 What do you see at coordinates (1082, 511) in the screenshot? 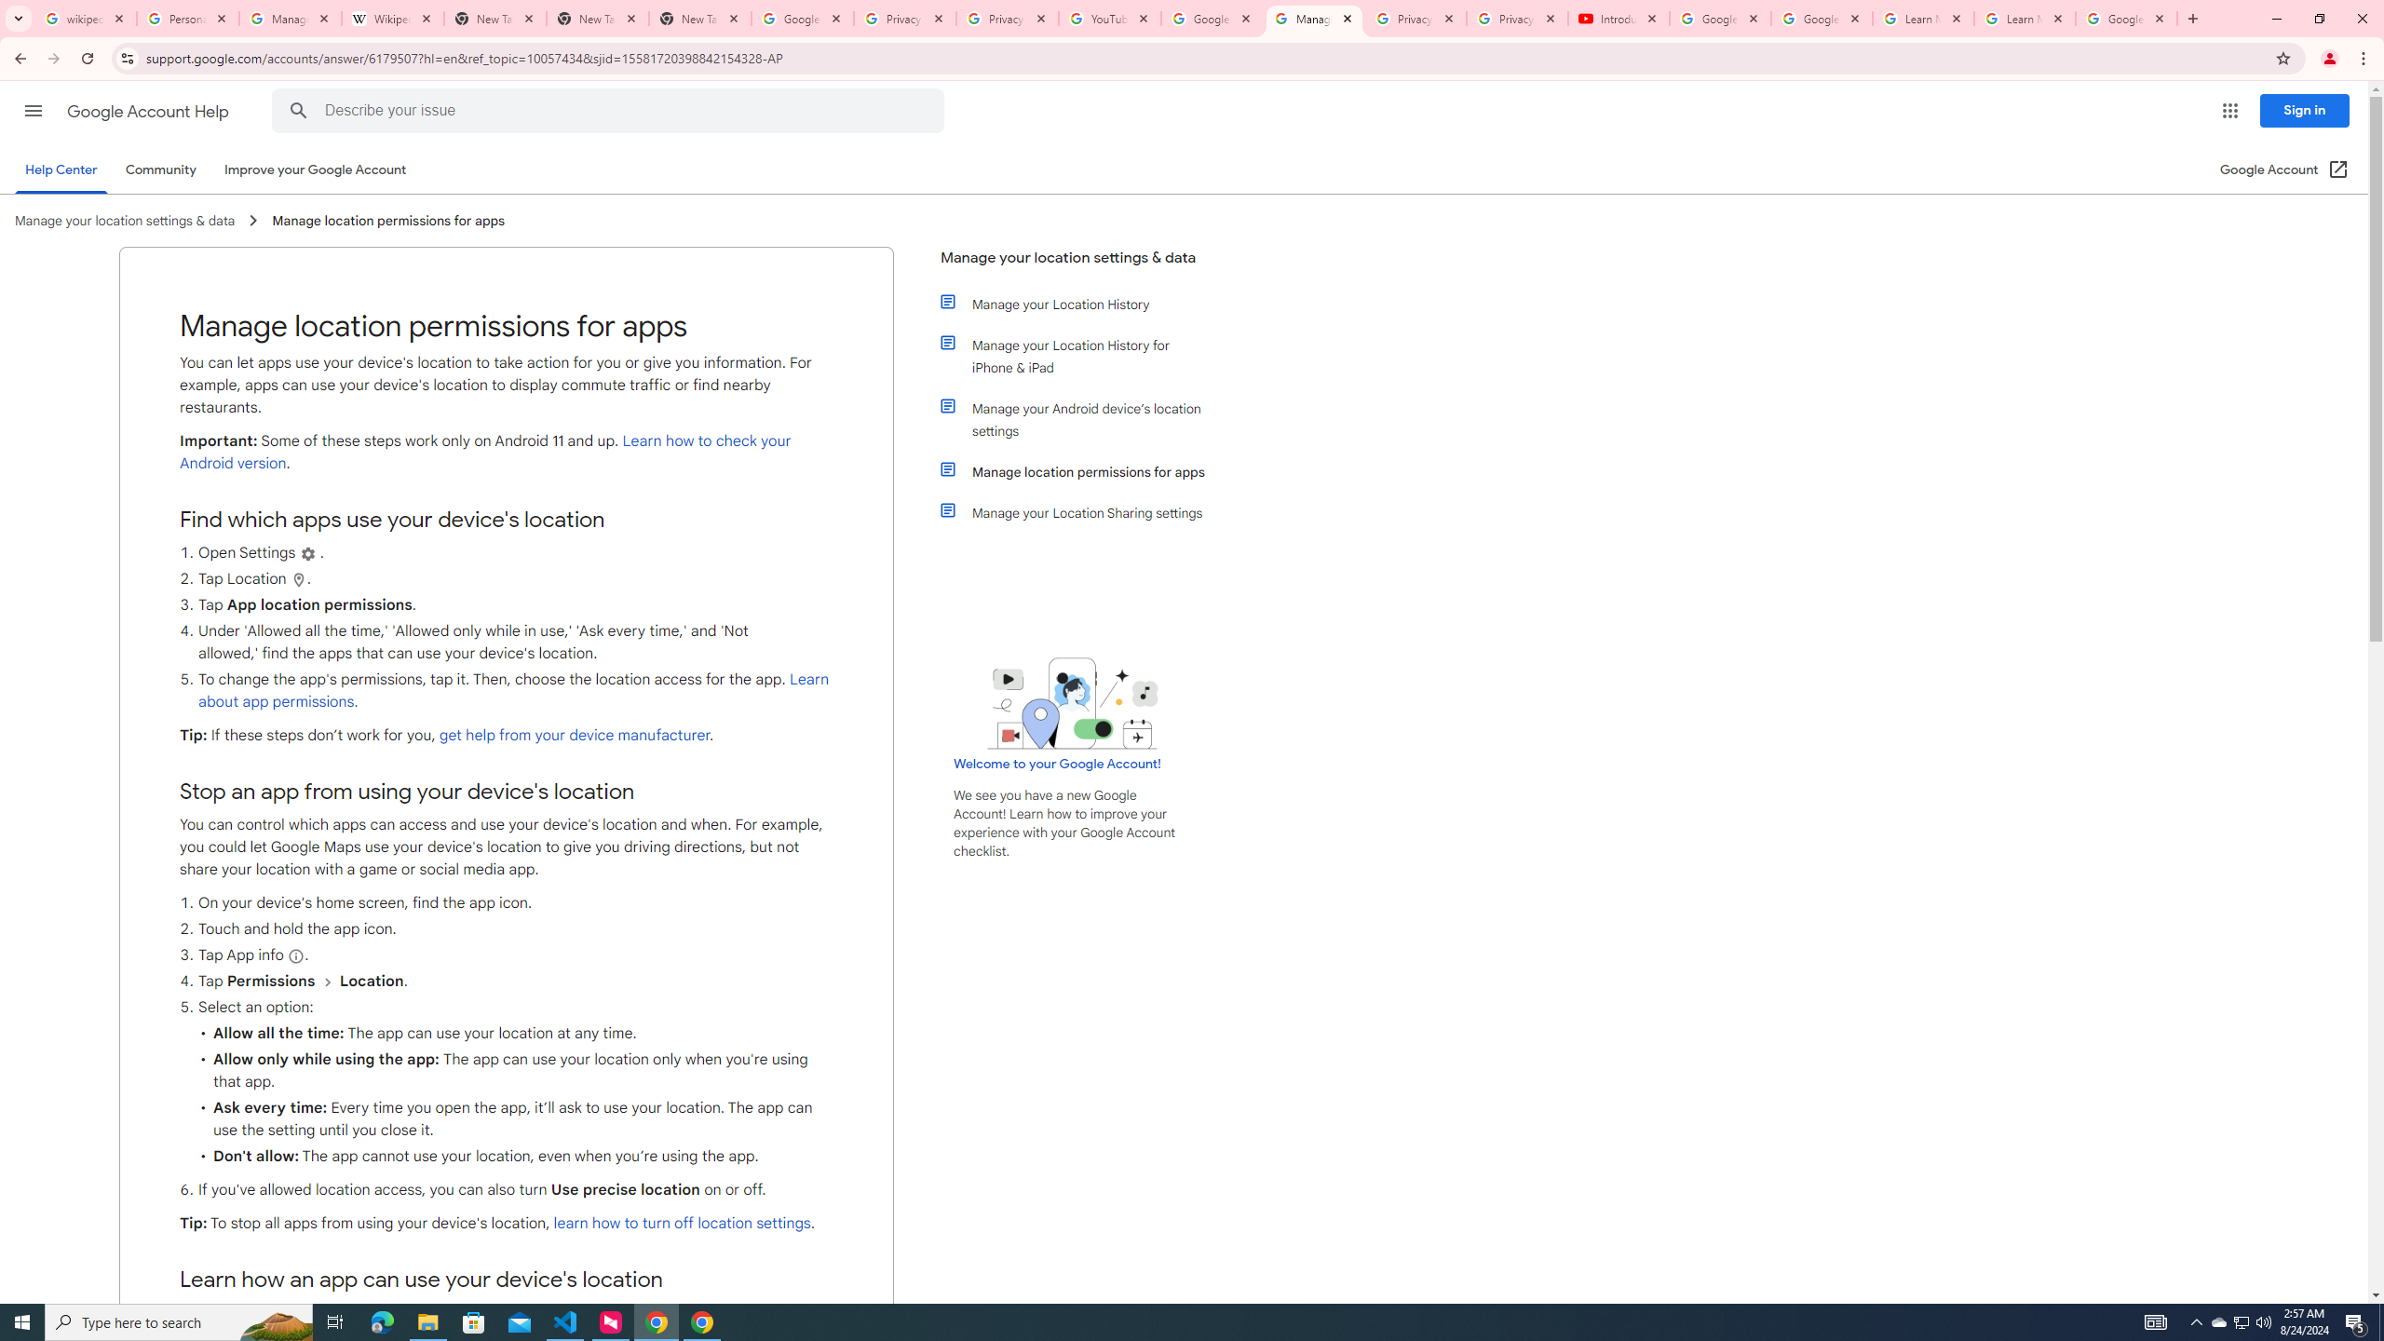
I see `'Manage your Location Sharing settings'` at bounding box center [1082, 511].